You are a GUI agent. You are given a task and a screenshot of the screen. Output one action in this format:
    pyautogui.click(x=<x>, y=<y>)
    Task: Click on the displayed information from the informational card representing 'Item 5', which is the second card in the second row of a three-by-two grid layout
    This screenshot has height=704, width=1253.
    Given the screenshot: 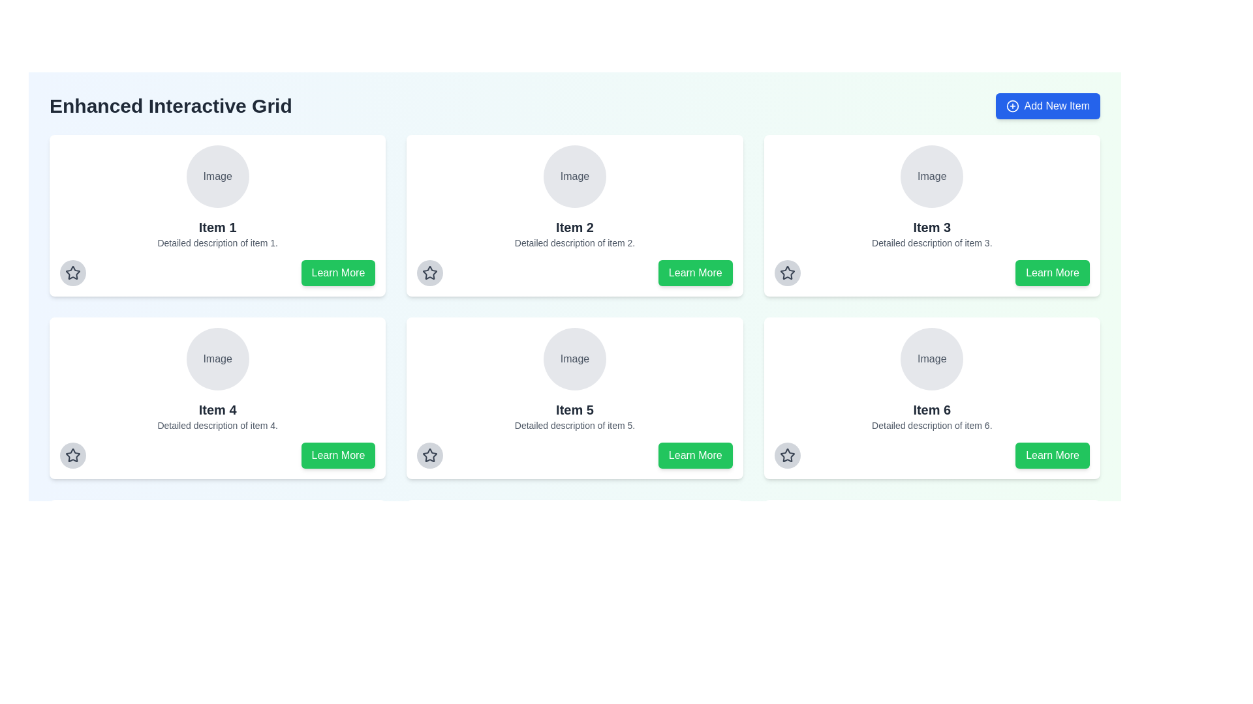 What is the action you would take?
    pyautogui.click(x=574, y=379)
    